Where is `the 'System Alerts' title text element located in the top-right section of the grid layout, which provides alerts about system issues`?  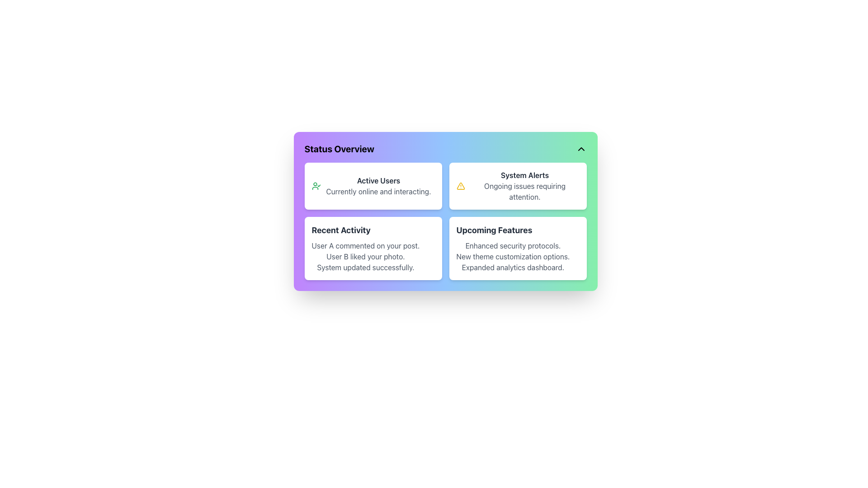 the 'System Alerts' title text element located in the top-right section of the grid layout, which provides alerts about system issues is located at coordinates (525, 175).